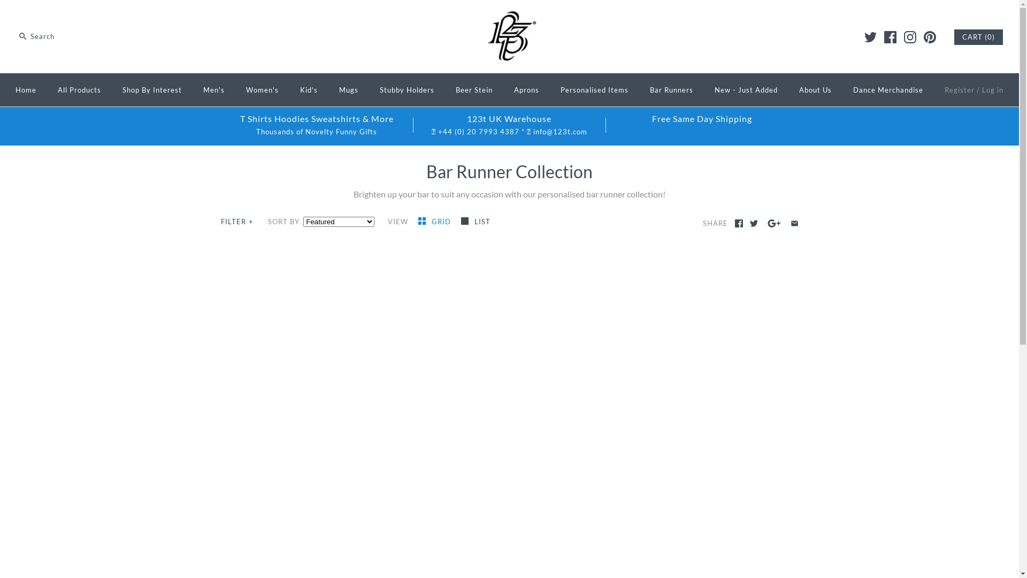  What do you see at coordinates (614, 512) in the screenshot?
I see `'Add to Cart'` at bounding box center [614, 512].